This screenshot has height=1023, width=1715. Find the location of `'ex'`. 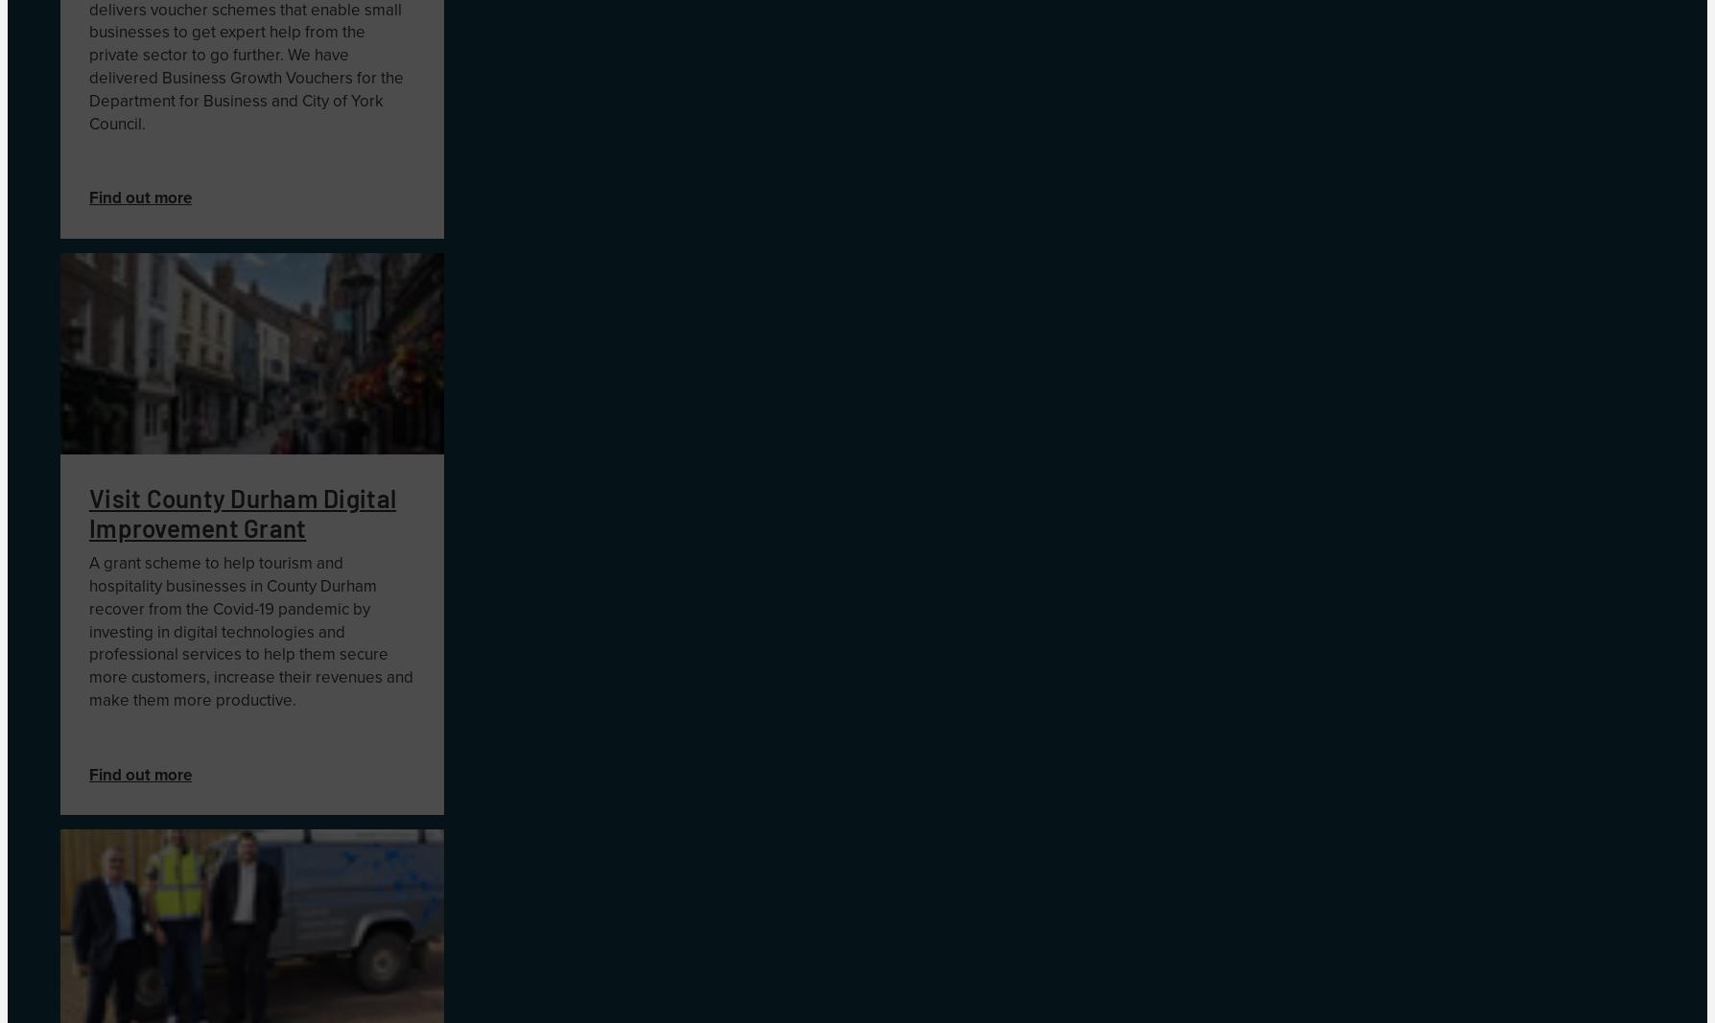

'ex' is located at coordinates (226, 31).